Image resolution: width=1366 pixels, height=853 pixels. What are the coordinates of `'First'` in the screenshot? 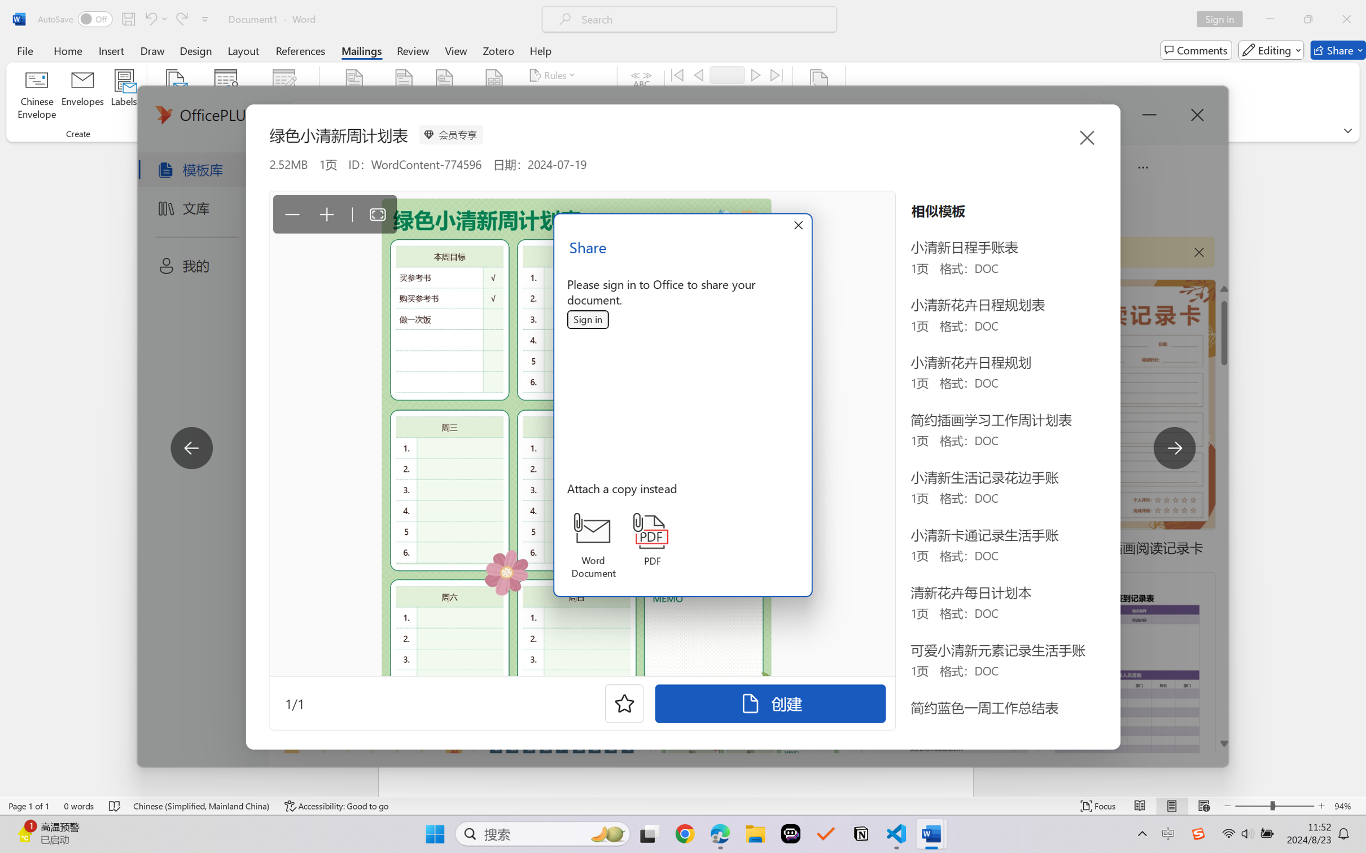 It's located at (677, 74).